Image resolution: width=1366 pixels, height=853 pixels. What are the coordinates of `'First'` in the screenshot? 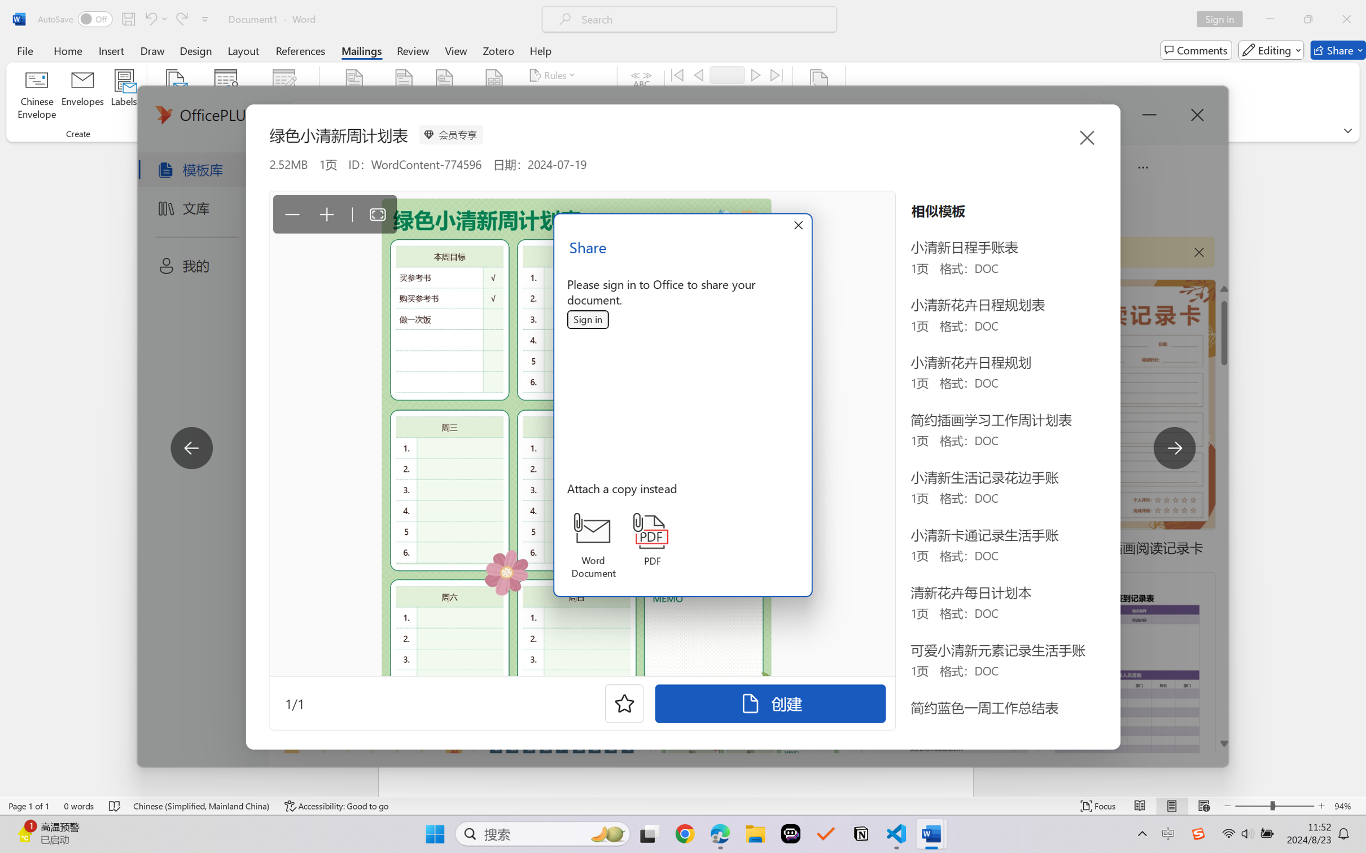 It's located at (677, 74).